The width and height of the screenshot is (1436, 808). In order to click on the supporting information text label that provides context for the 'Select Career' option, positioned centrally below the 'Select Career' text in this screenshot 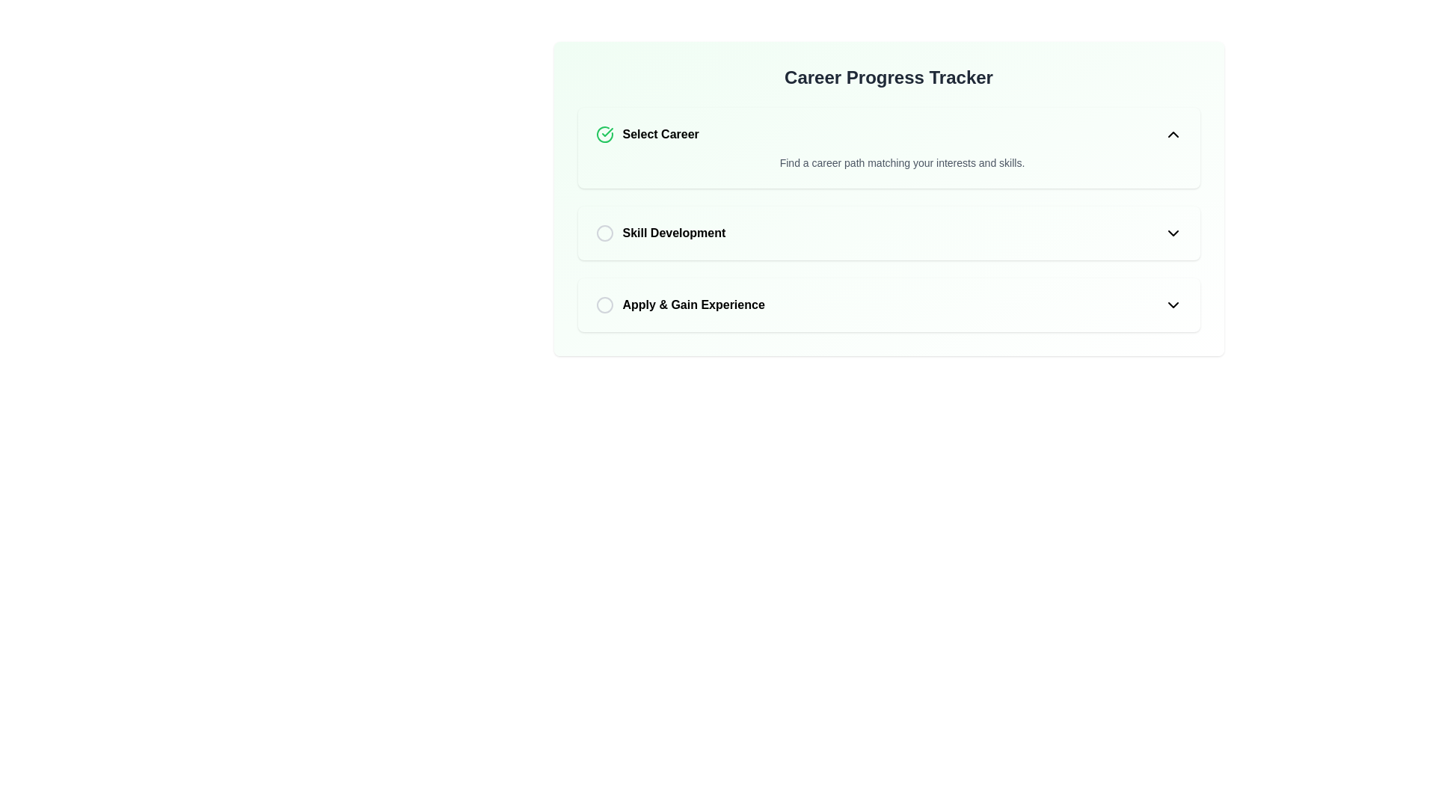, I will do `click(889, 163)`.